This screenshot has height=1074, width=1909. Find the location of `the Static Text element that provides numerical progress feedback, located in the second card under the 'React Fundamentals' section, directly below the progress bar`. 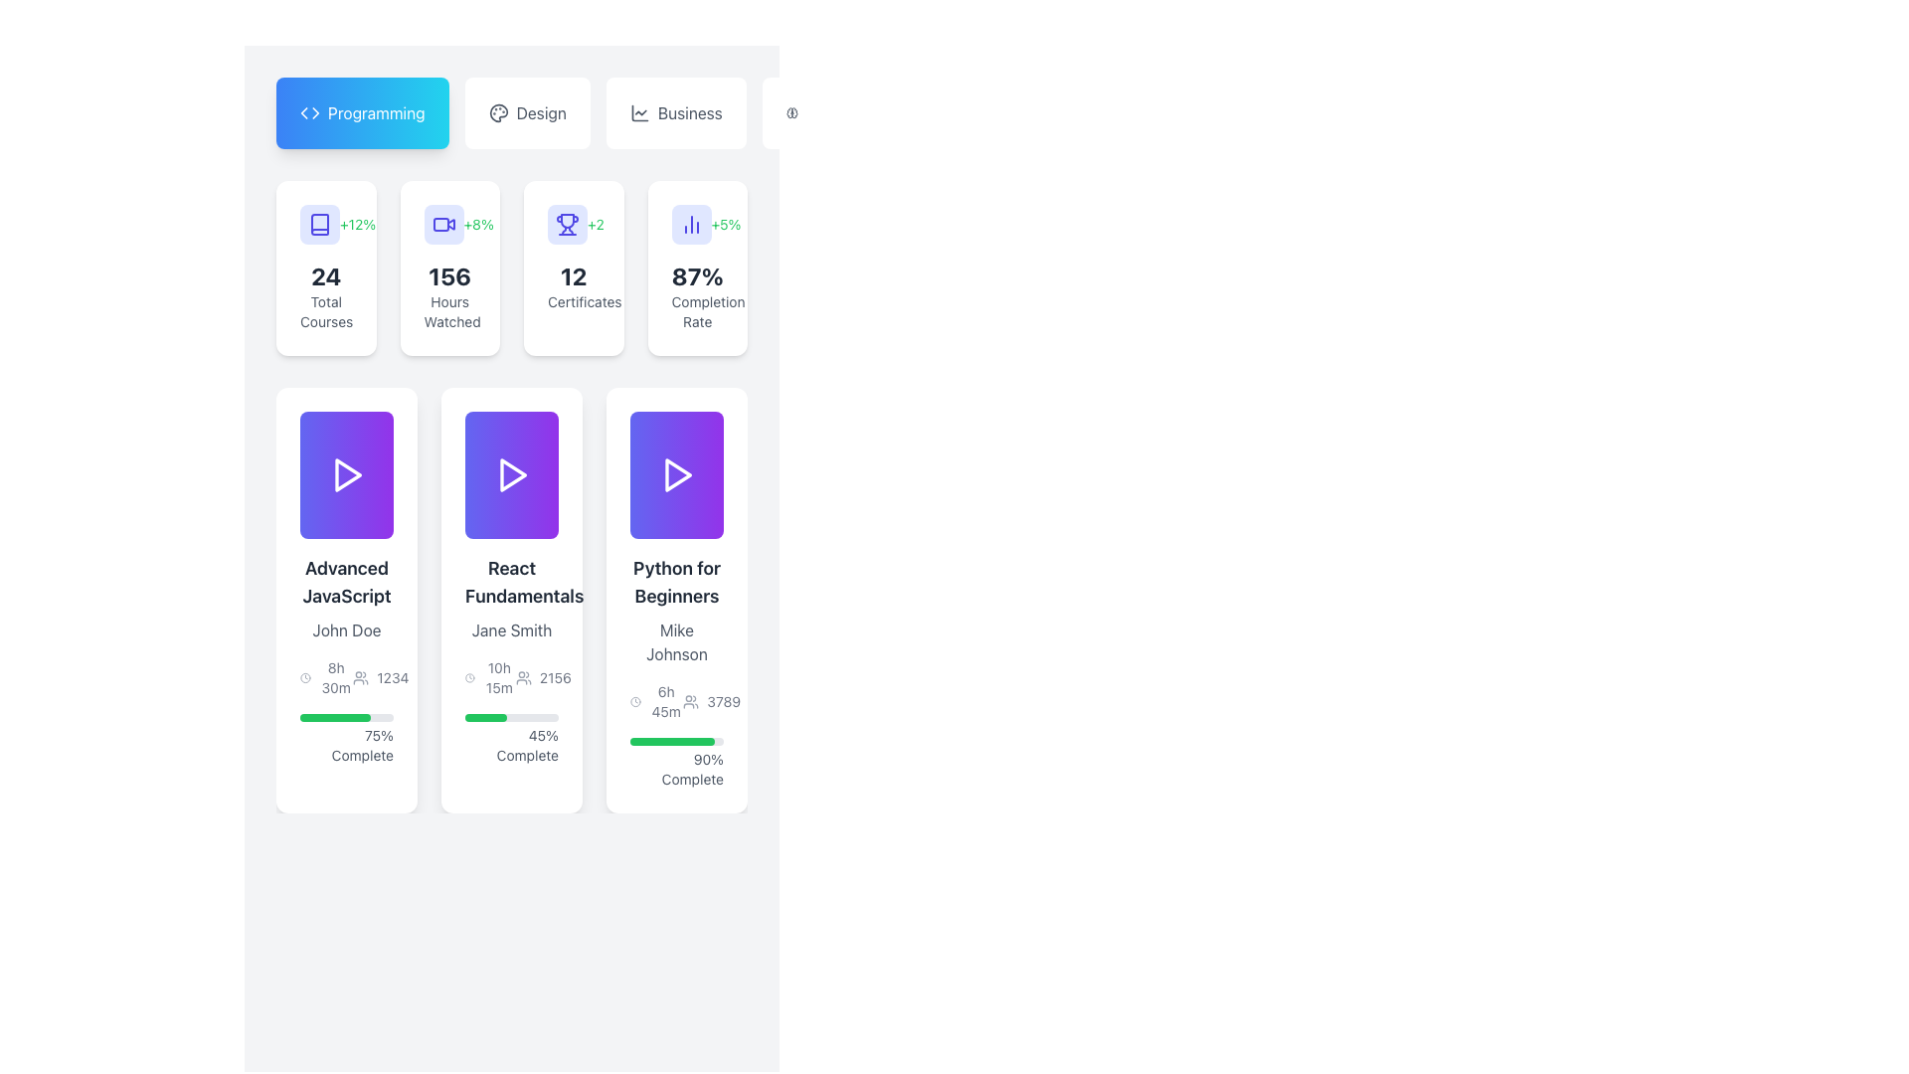

the Static Text element that provides numerical progress feedback, located in the second card under the 'React Fundamentals' section, directly below the progress bar is located at coordinates (511, 745).